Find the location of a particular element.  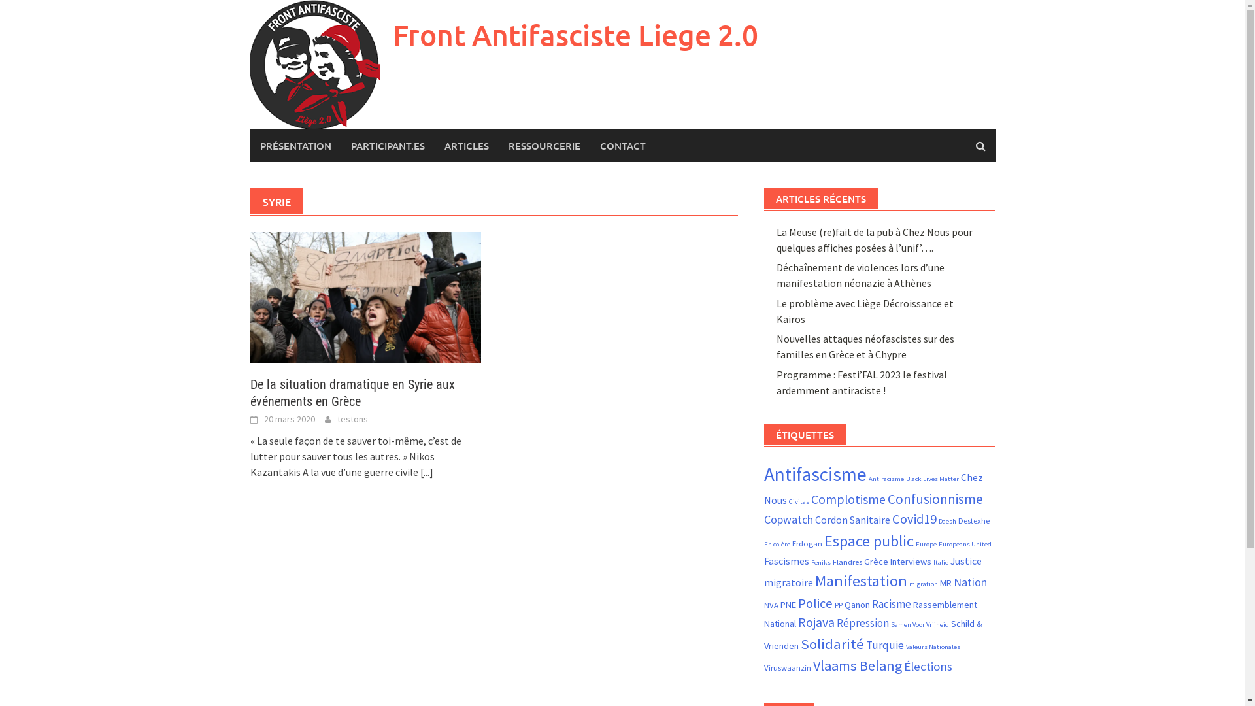

'CONTACT' is located at coordinates (589, 146).